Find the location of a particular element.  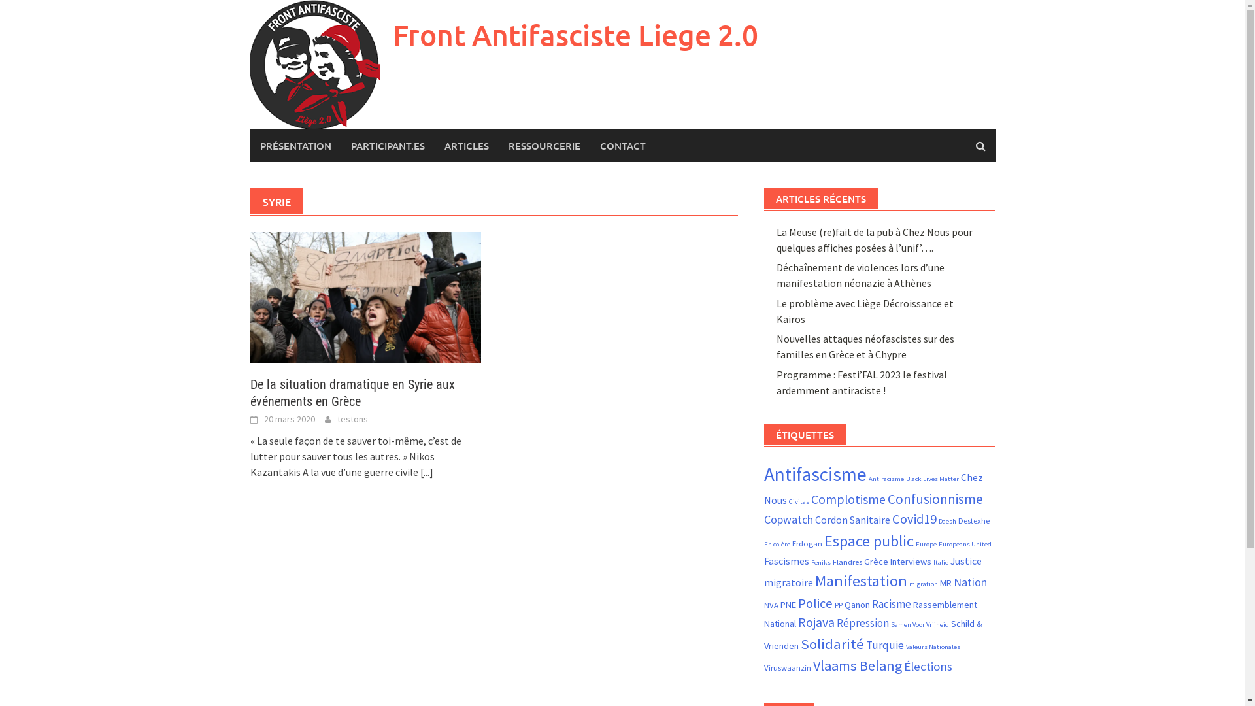

'CONTACT' is located at coordinates (589, 146).